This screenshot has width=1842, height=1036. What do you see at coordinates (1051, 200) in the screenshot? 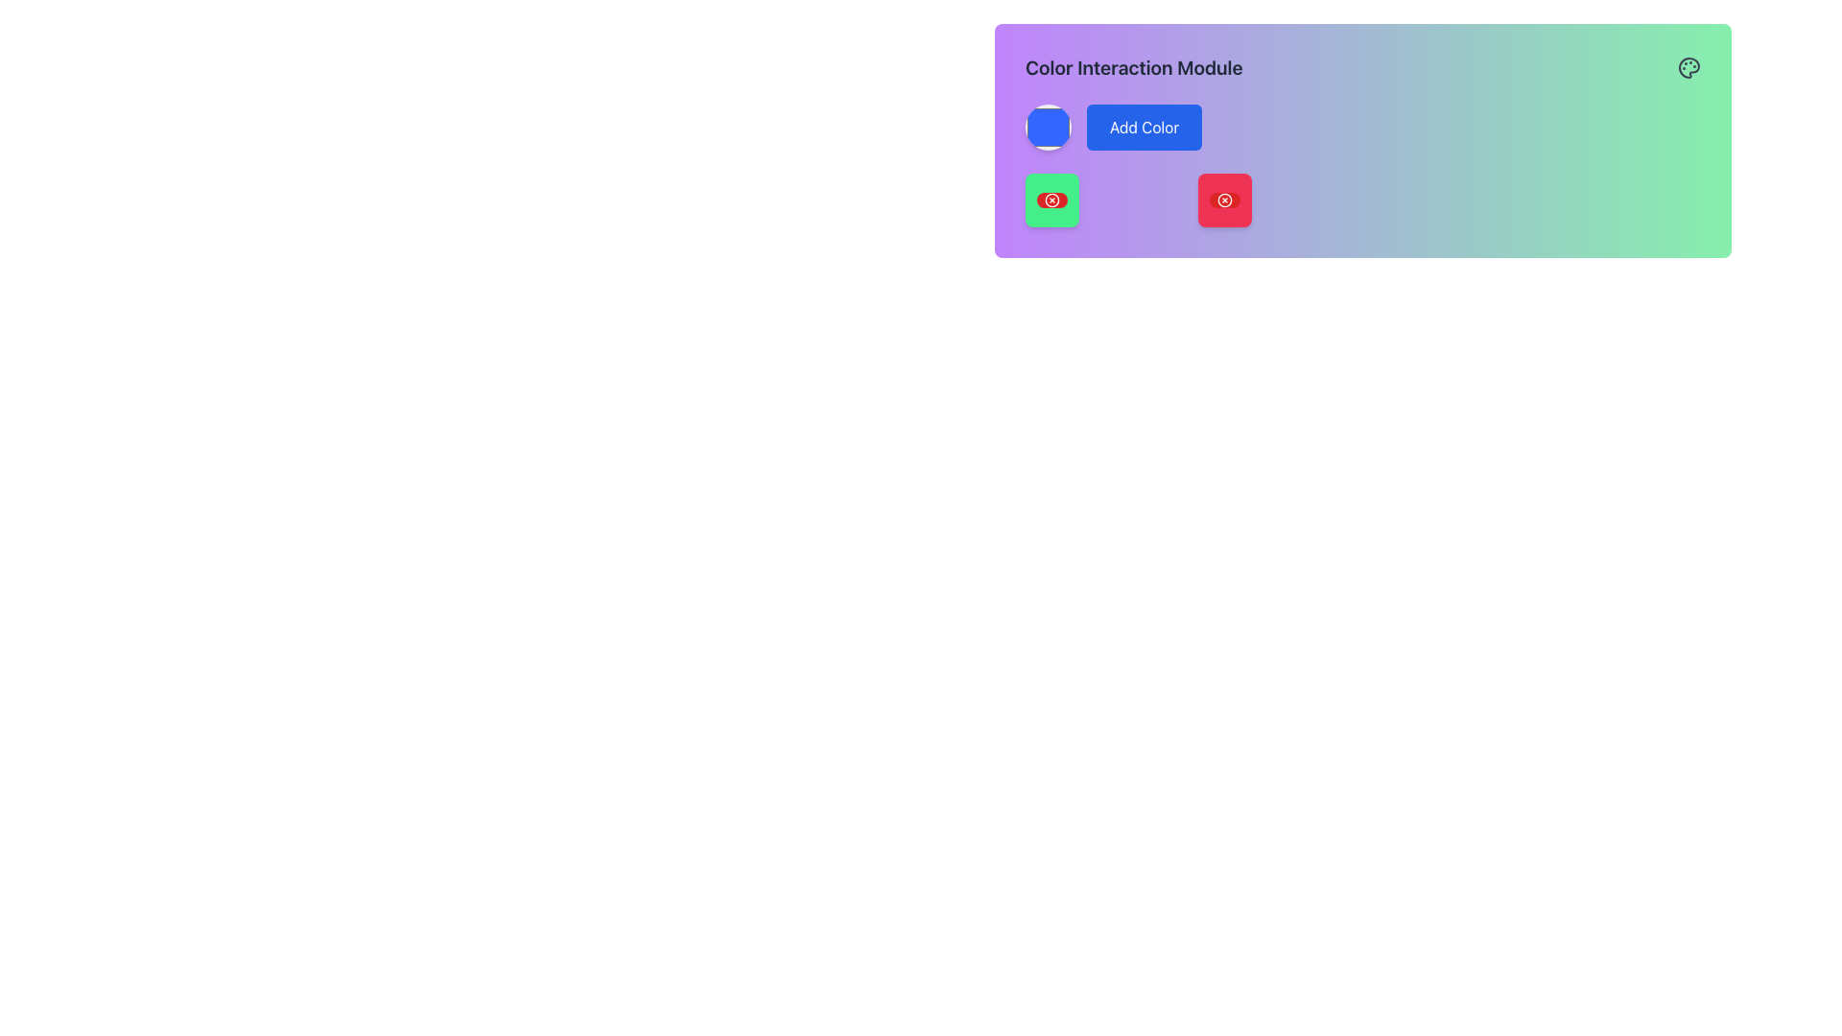
I see `the square green button with rounded corners, which is the first item in the second row of a 4-column grid layout` at bounding box center [1051, 200].